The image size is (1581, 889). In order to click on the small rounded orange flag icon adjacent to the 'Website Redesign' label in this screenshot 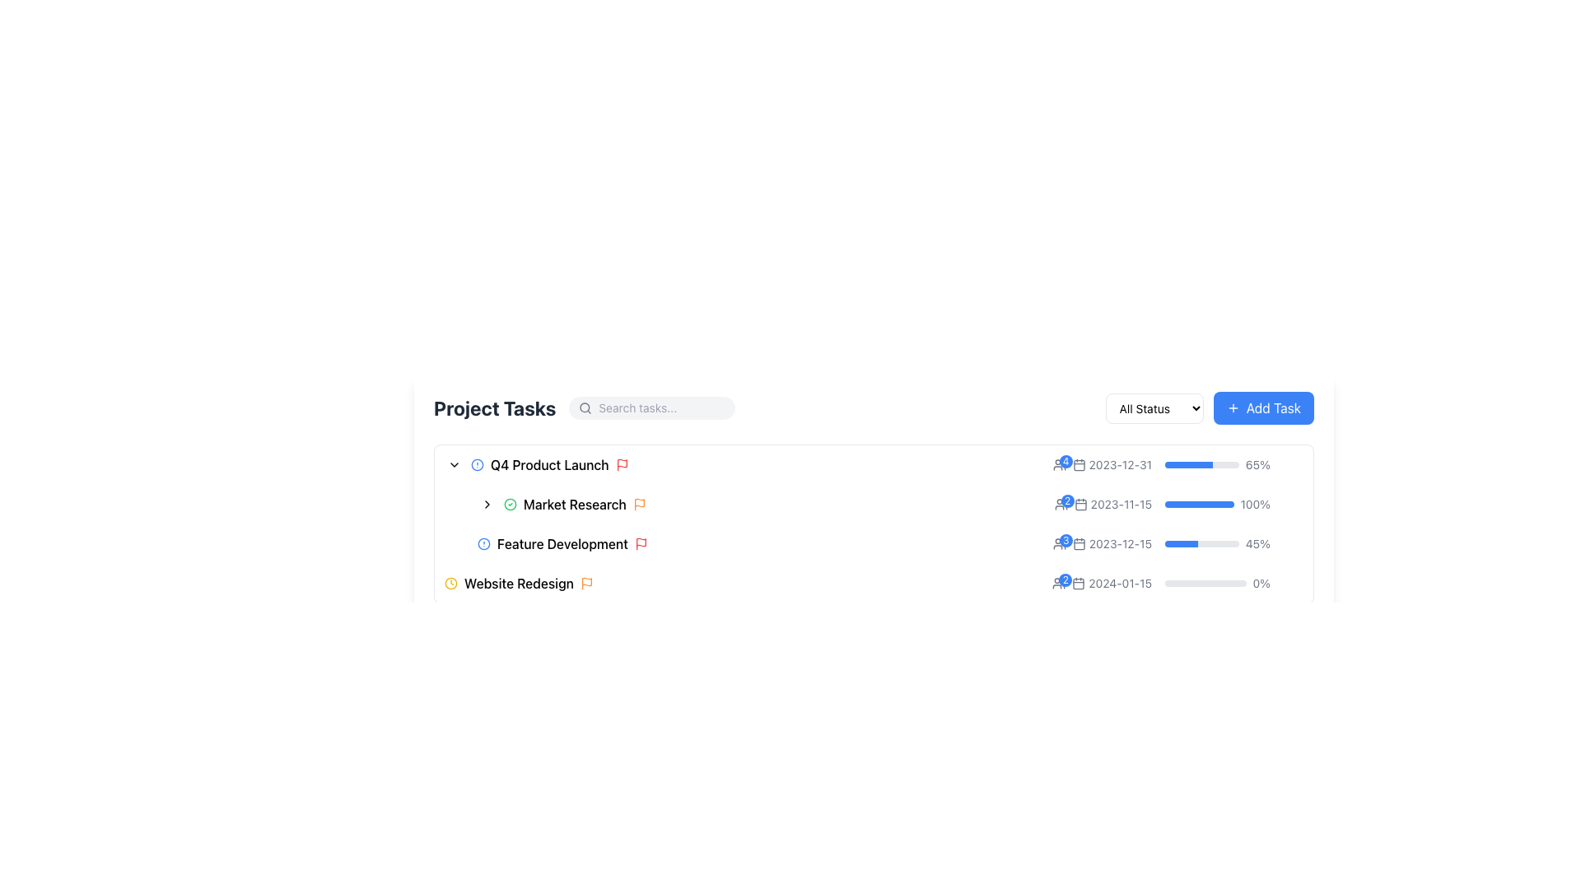, I will do `click(586, 583)`.